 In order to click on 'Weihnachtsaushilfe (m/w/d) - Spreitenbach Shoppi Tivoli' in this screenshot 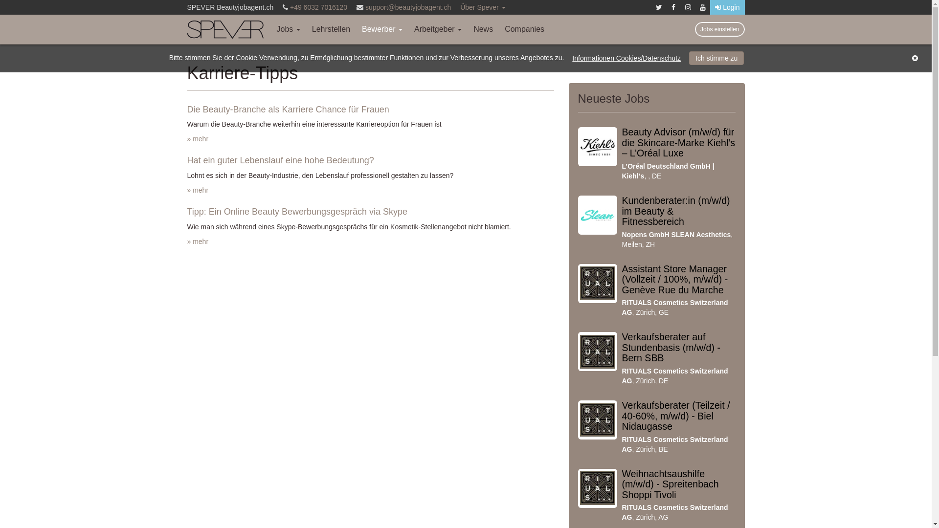, I will do `click(670, 484)`.